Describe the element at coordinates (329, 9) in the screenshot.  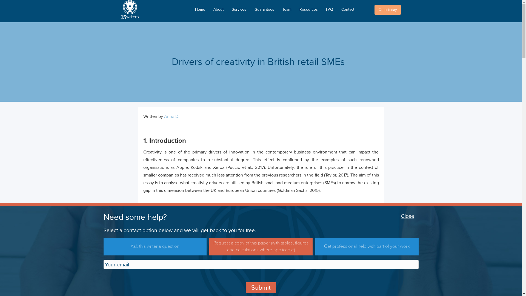
I see `'FAQ'` at that location.